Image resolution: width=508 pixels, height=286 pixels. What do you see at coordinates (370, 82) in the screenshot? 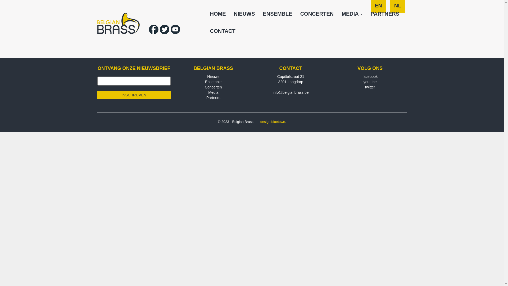
I see `'youtube'` at bounding box center [370, 82].